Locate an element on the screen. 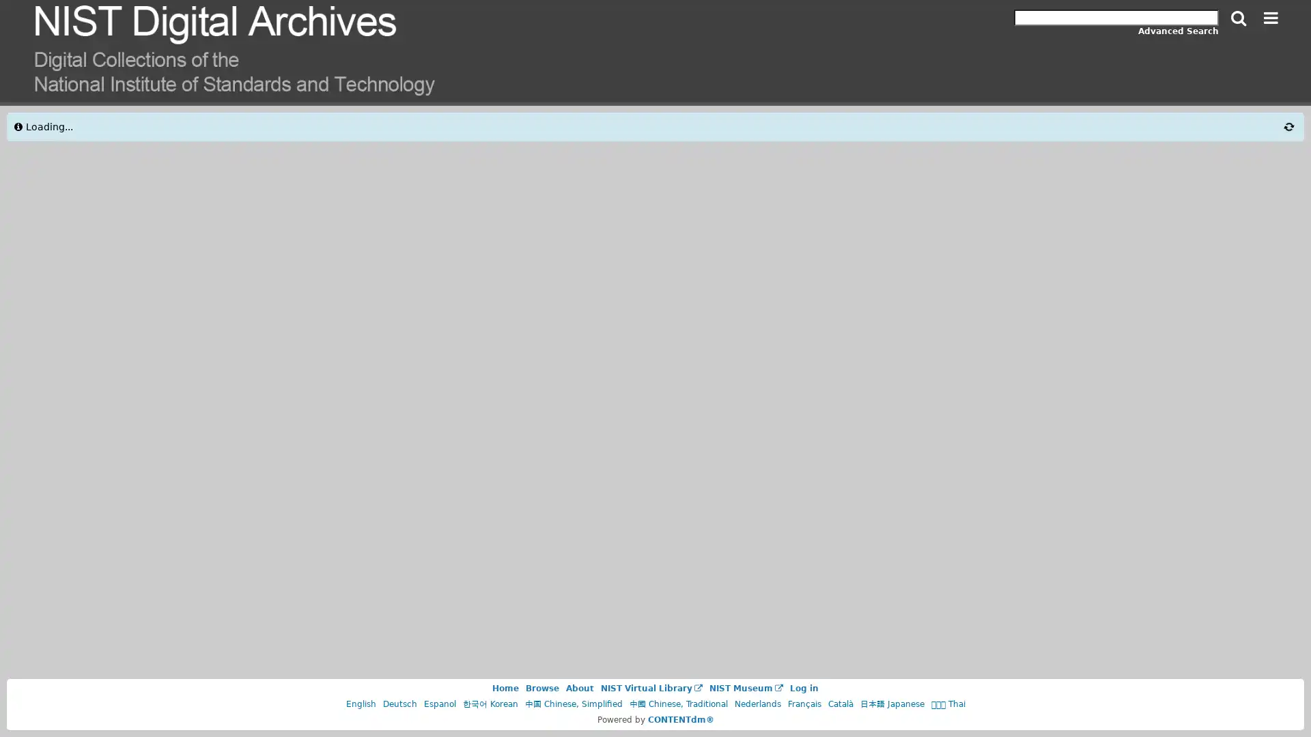  Page 200 is located at coordinates (865, 167).